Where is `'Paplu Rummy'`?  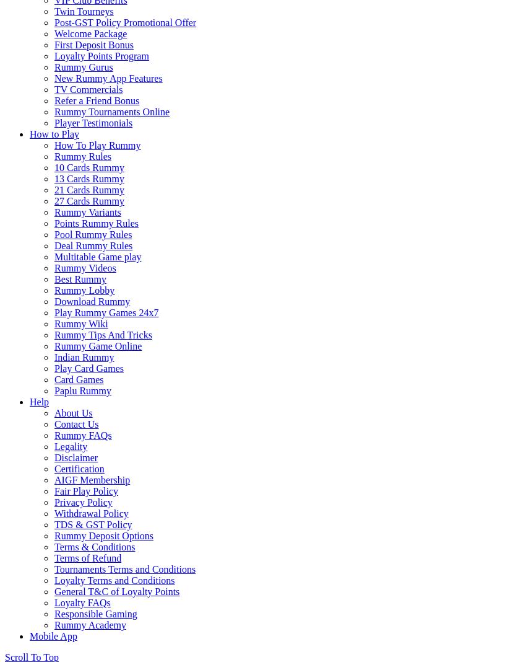
'Paplu Rummy' is located at coordinates (82, 390).